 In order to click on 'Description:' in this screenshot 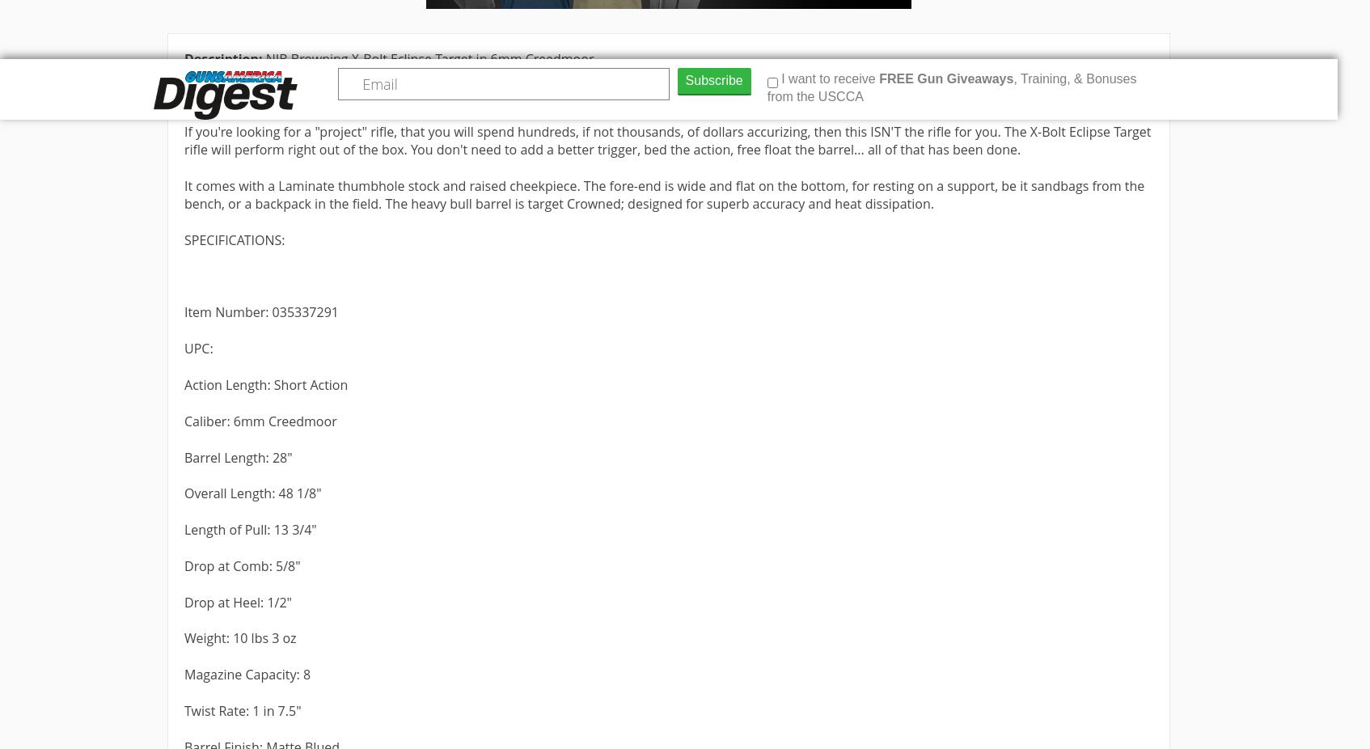, I will do `click(184, 57)`.